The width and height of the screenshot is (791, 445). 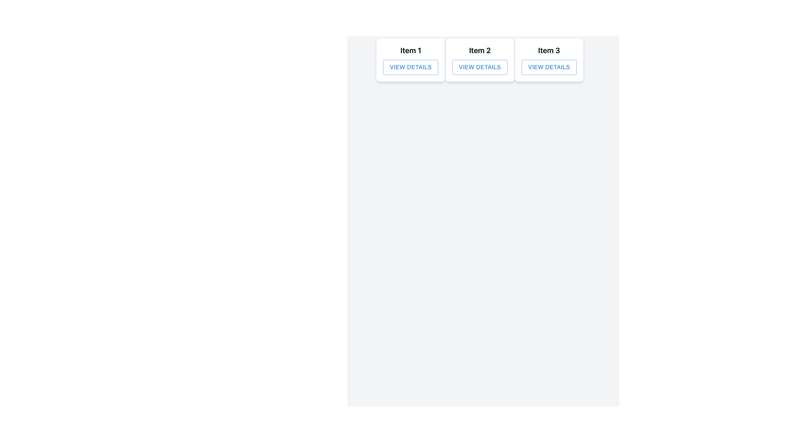 What do you see at coordinates (411, 59) in the screenshot?
I see `the interactive card representing 'Item 1'` at bounding box center [411, 59].